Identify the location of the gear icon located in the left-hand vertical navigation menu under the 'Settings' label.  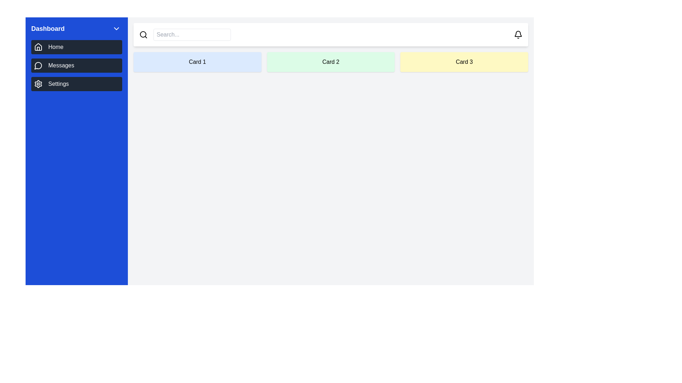
(38, 83).